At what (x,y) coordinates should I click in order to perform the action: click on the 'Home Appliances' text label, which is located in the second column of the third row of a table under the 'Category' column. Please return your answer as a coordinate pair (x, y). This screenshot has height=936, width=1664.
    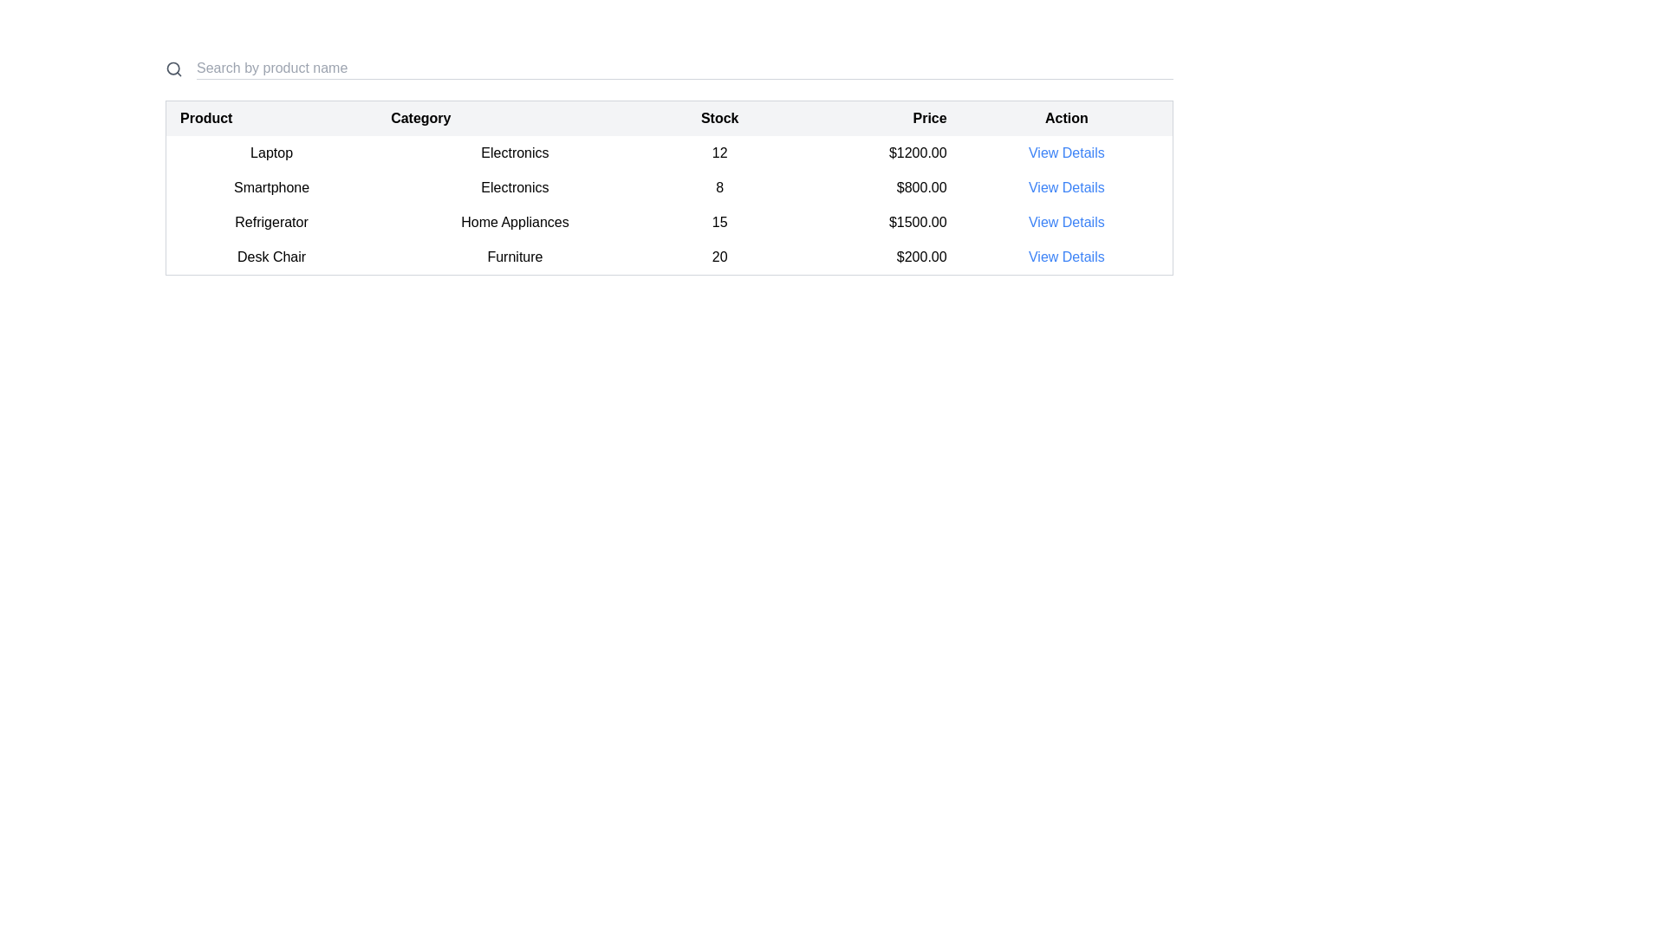
    Looking at the image, I should click on (514, 222).